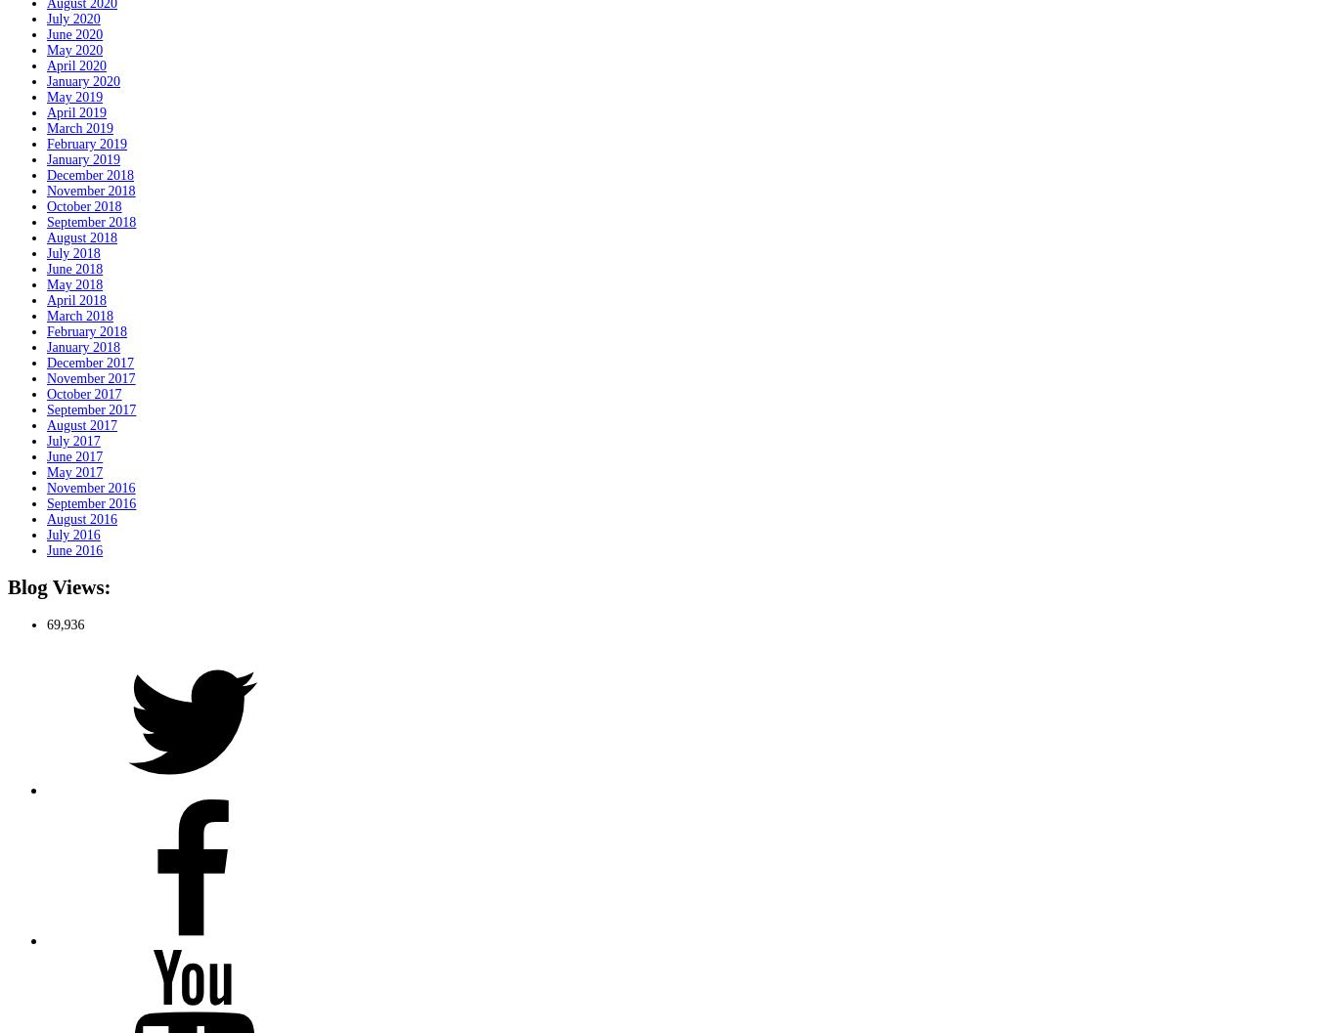 The height and width of the screenshot is (1033, 1336). I want to click on 'October 2017', so click(46, 392).